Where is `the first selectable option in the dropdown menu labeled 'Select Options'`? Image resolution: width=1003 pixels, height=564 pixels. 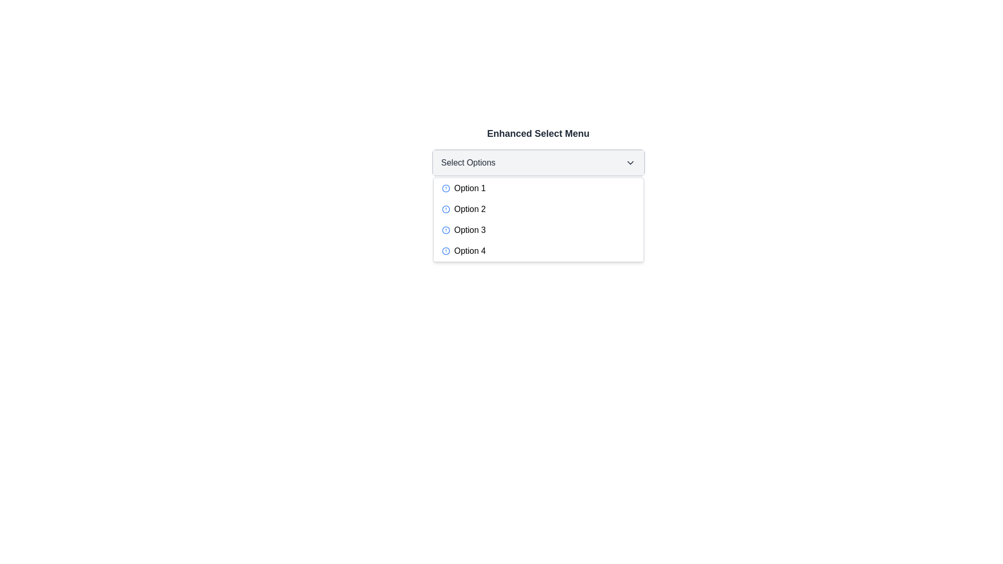
the first selectable option in the dropdown menu labeled 'Select Options' is located at coordinates (538, 189).